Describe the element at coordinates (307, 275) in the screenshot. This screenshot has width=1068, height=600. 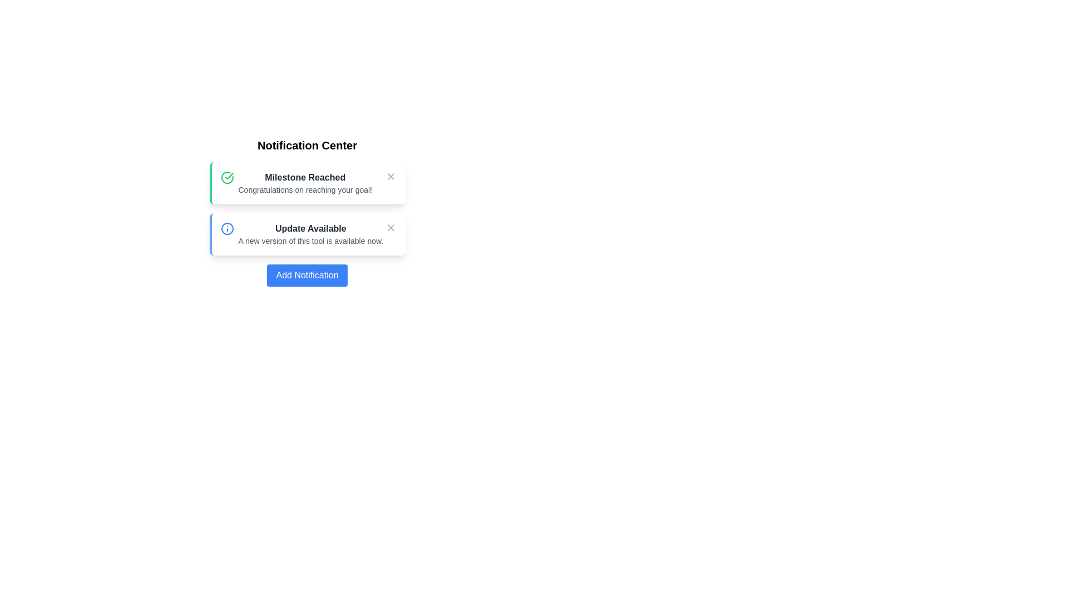
I see `the 'Add Notification' button to add a new notification` at that location.